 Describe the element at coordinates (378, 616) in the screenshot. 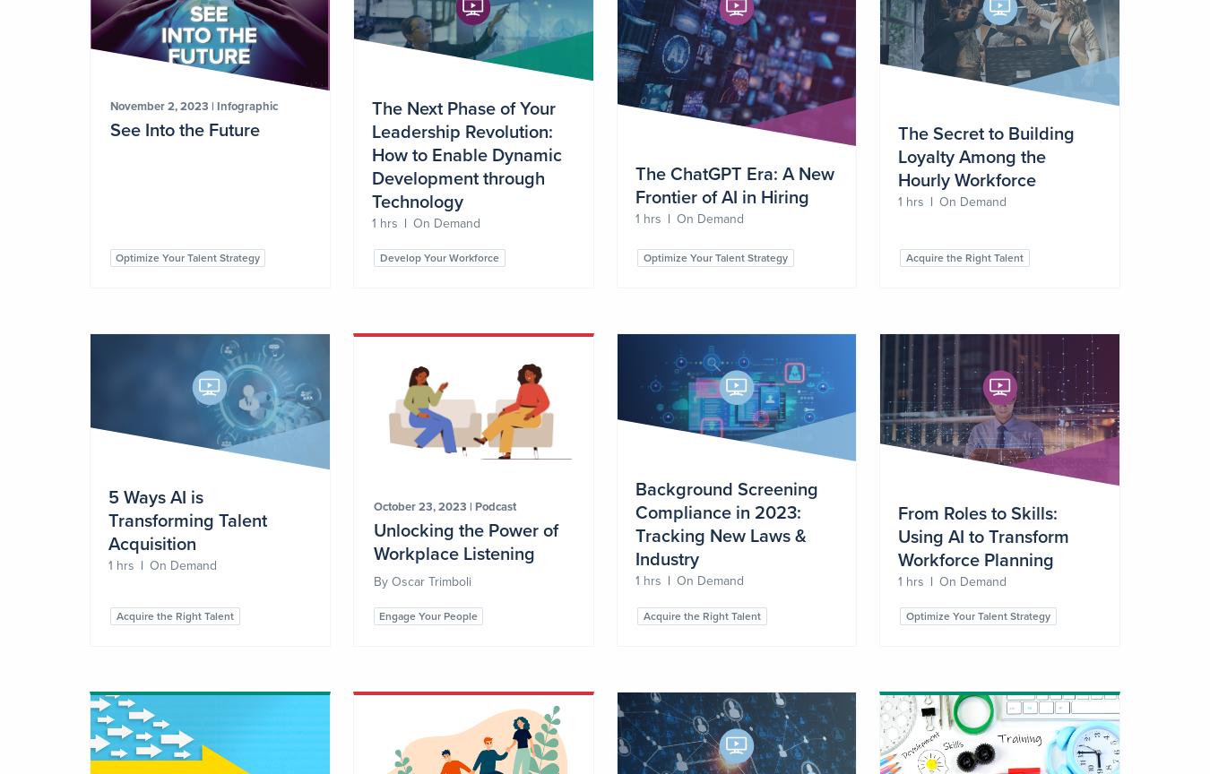

I see `'Engage Your People'` at that location.